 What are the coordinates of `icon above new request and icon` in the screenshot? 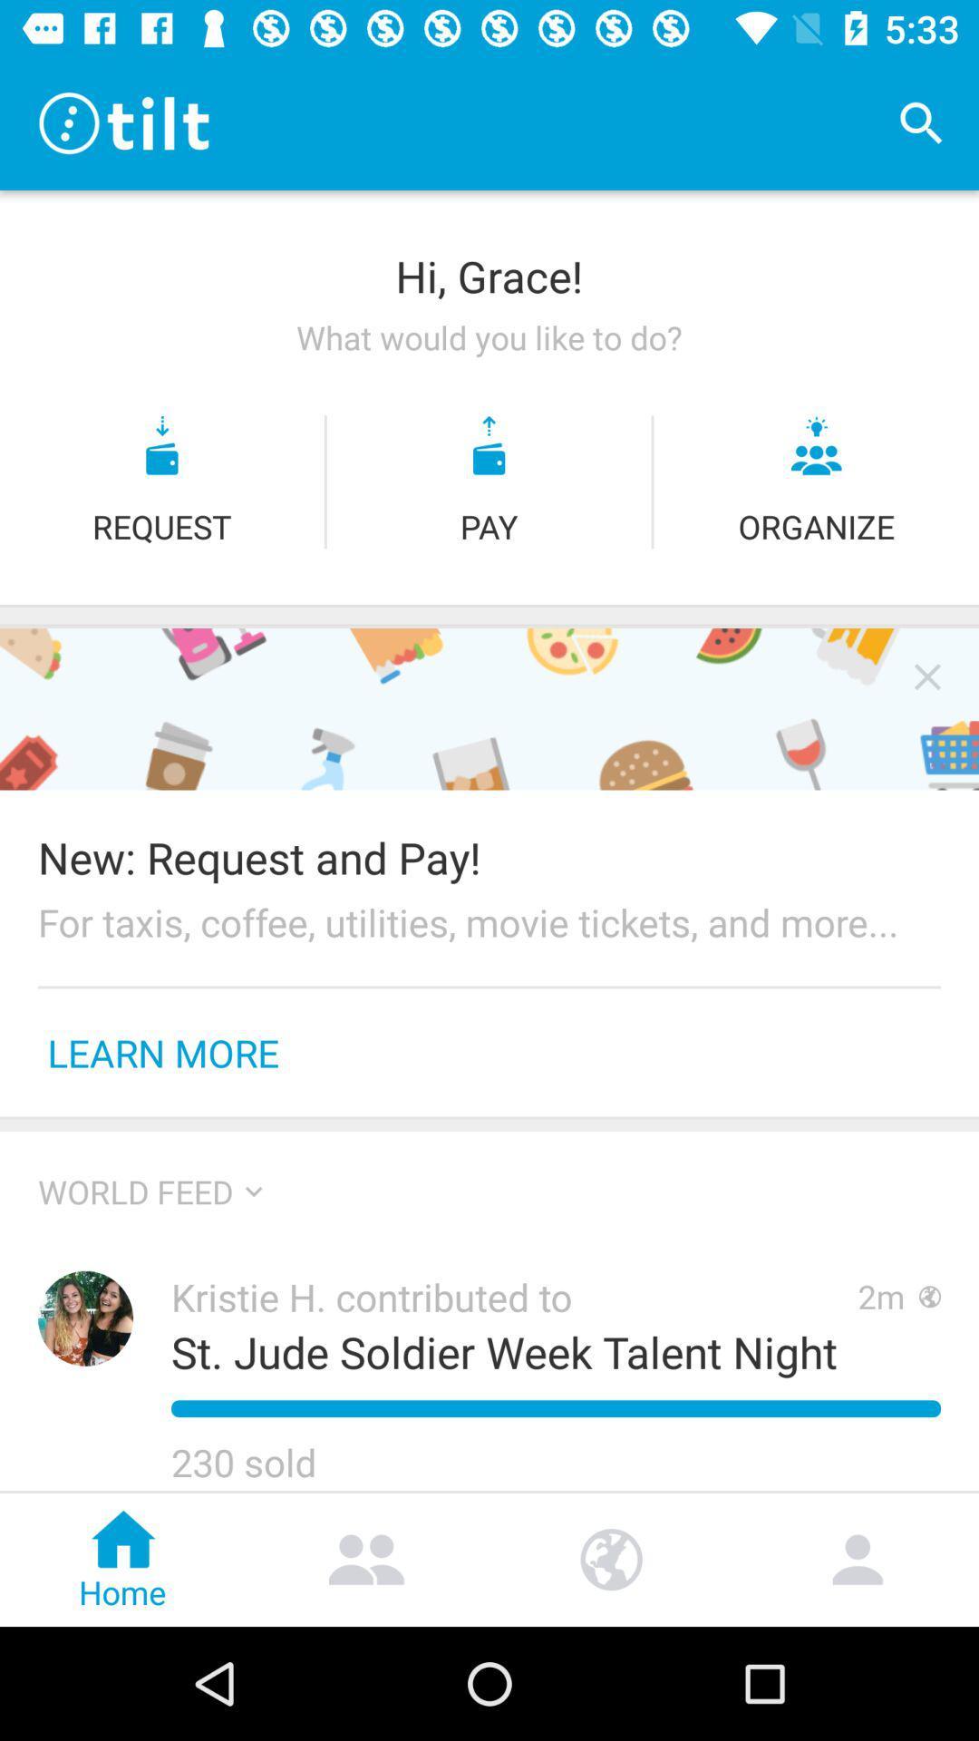 It's located at (927, 676).